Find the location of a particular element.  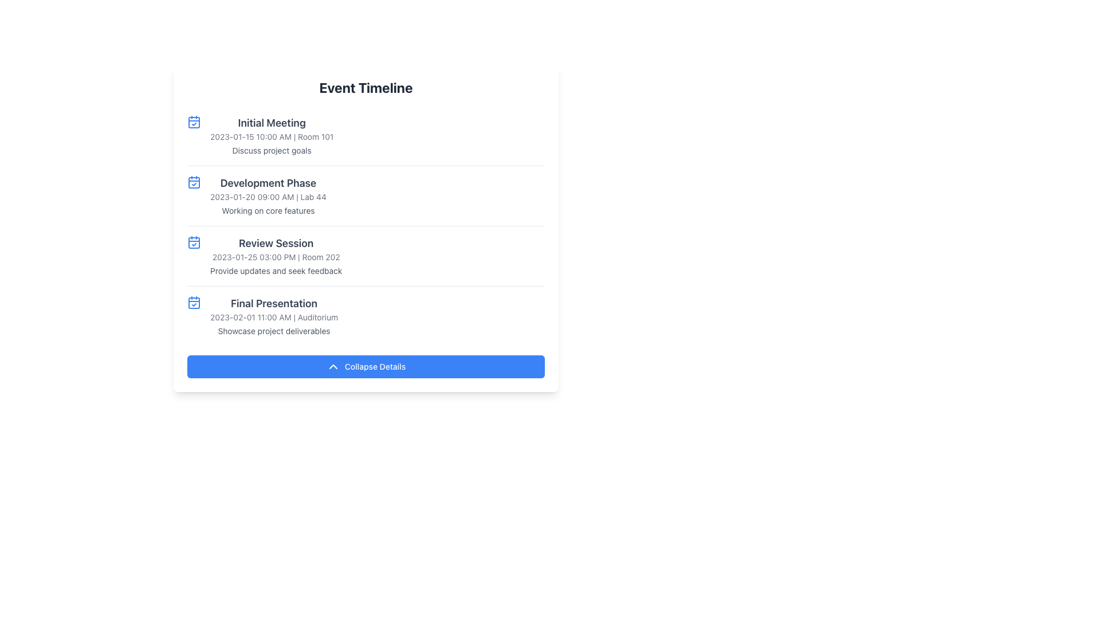

text element displaying '2023-02-01 11:00 AM | Auditorium', which is located in the 'Final Presentation' section, below the heading 'Final Presentation' and above the descriptive text is located at coordinates (273, 318).